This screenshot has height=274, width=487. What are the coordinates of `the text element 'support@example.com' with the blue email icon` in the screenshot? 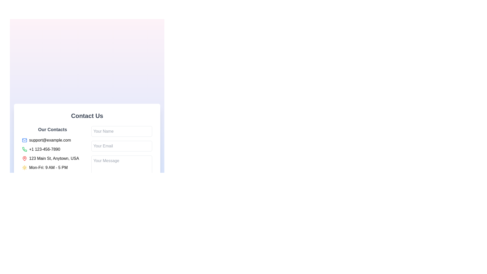 It's located at (53, 140).